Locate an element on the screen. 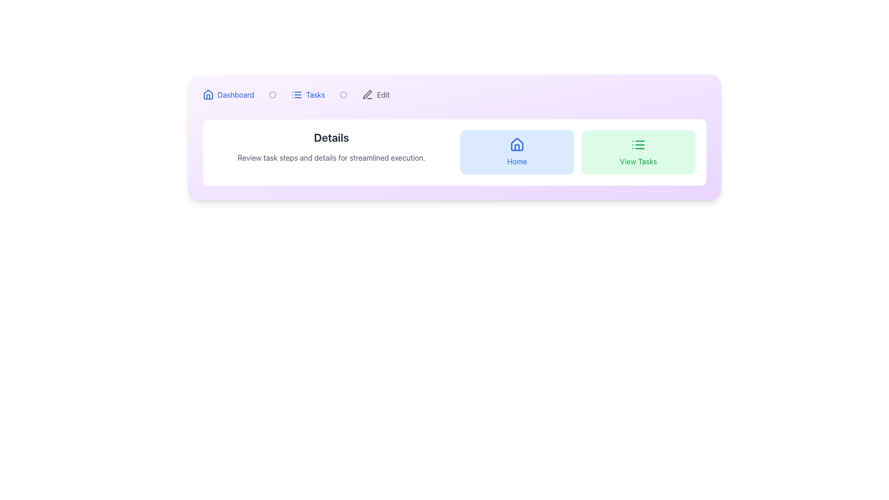  the Interactive Label with Icon located in the navigation bar between 'Dashboard' and 'Edit' is located at coordinates (308, 94).